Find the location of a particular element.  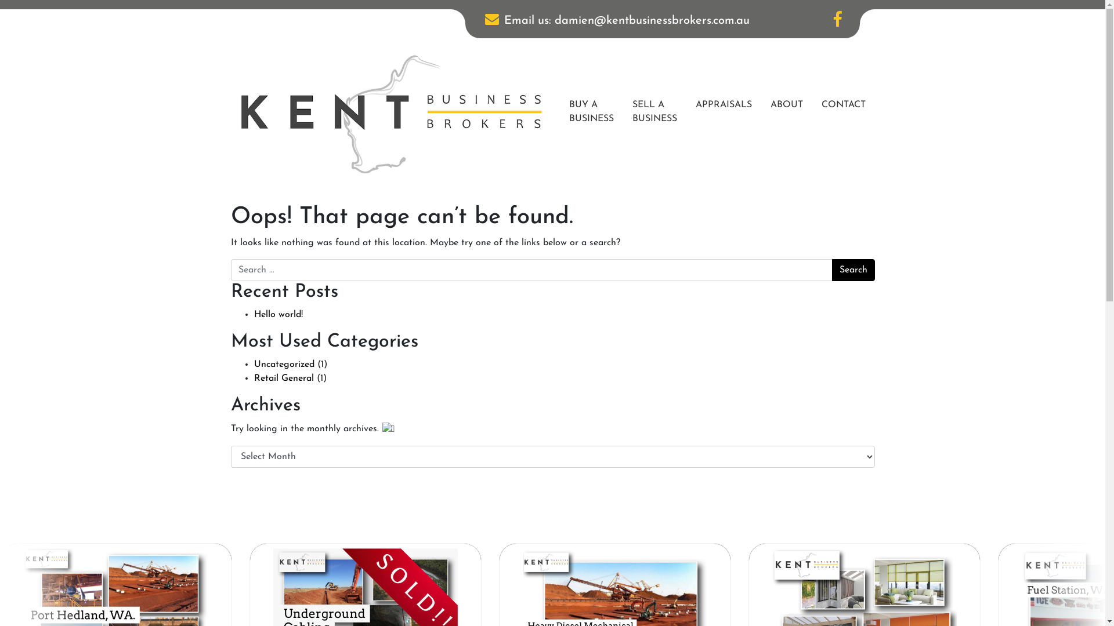

'ABOUT' is located at coordinates (761, 105).